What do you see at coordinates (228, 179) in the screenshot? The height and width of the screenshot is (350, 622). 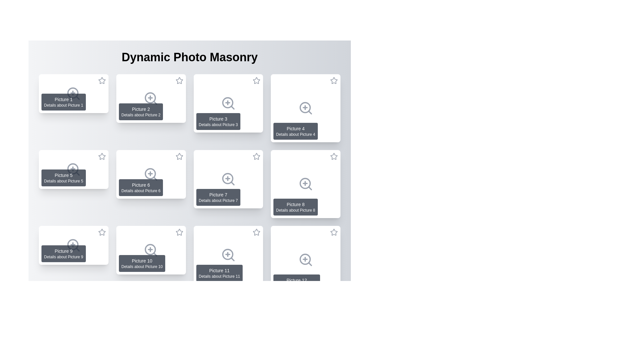 I see `the magnifying glass icon with a plus symbol, which is located within the card labeled 'Picture 7'` at bounding box center [228, 179].